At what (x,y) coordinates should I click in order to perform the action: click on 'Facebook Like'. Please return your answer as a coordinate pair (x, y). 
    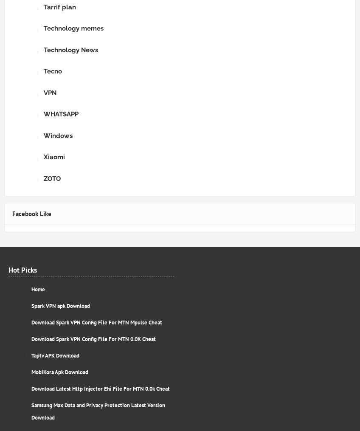
    Looking at the image, I should click on (31, 213).